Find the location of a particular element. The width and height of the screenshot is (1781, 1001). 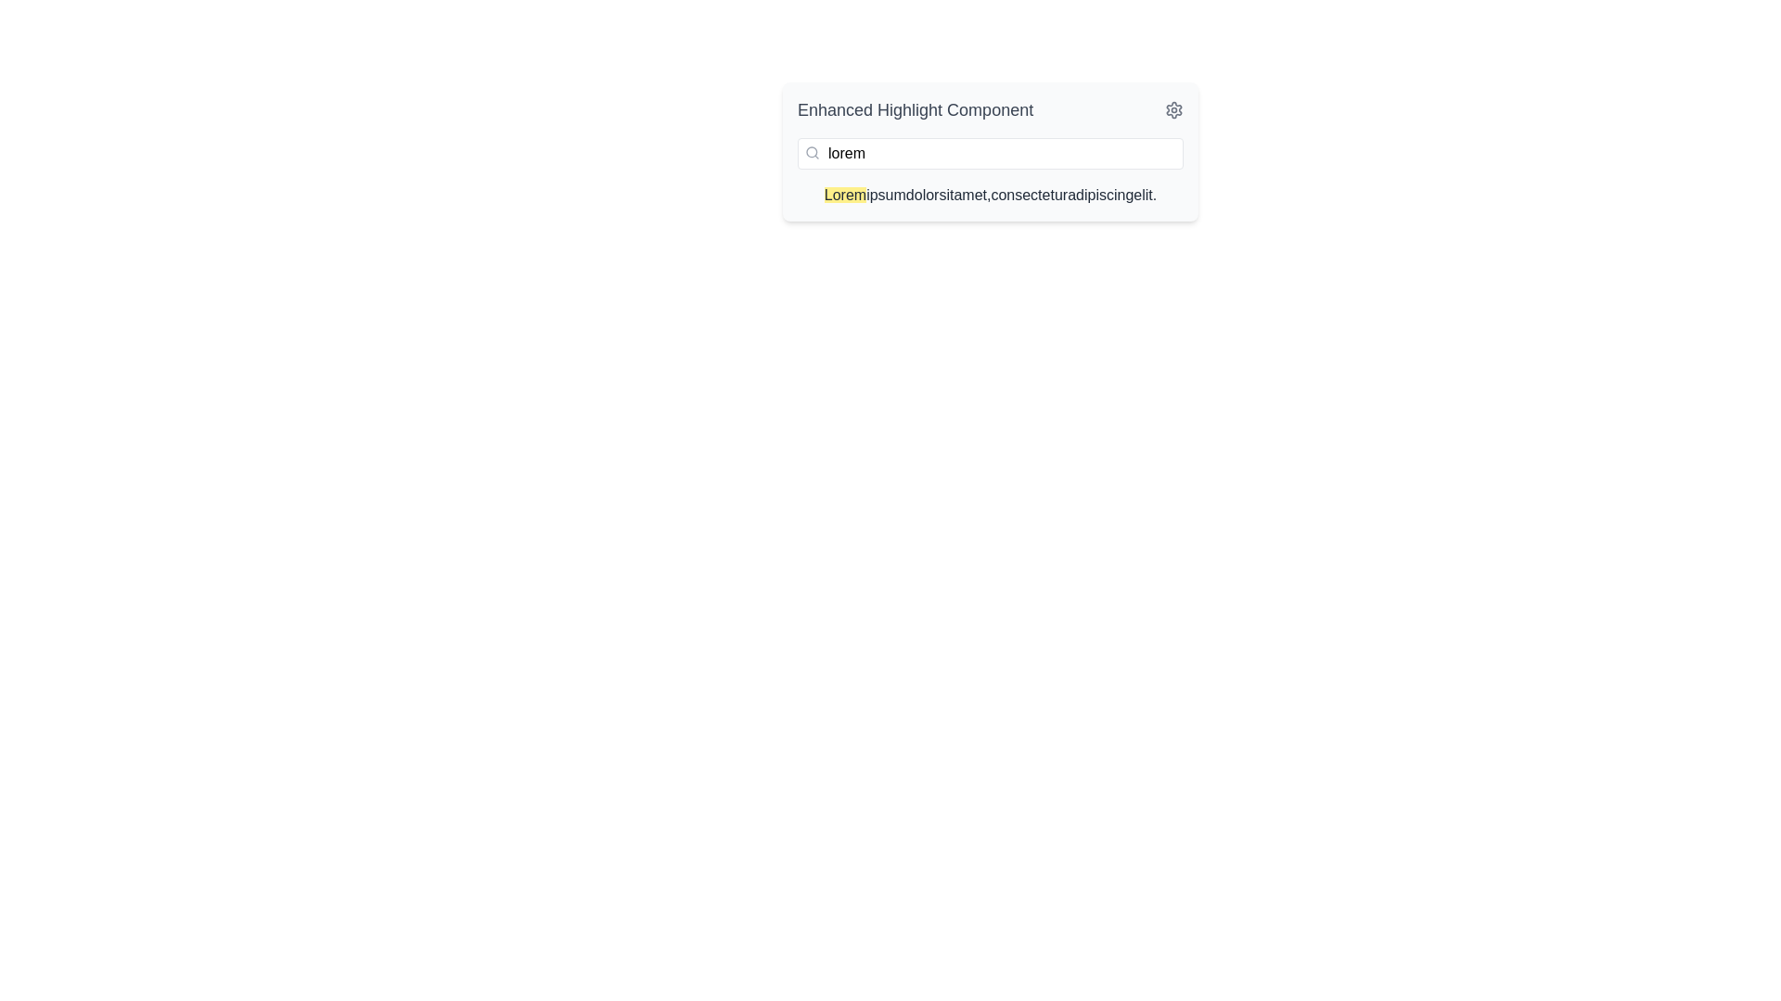

the informational text block located at the bottom section of the 'Enhanced Highlight Component' card, situated beneath the search bar is located at coordinates (990, 196).